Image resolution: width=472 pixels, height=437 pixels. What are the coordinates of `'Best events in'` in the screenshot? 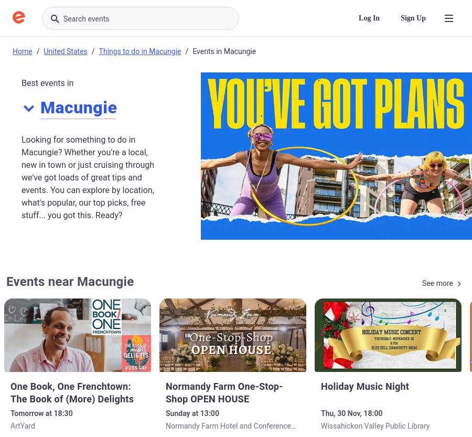 It's located at (47, 82).